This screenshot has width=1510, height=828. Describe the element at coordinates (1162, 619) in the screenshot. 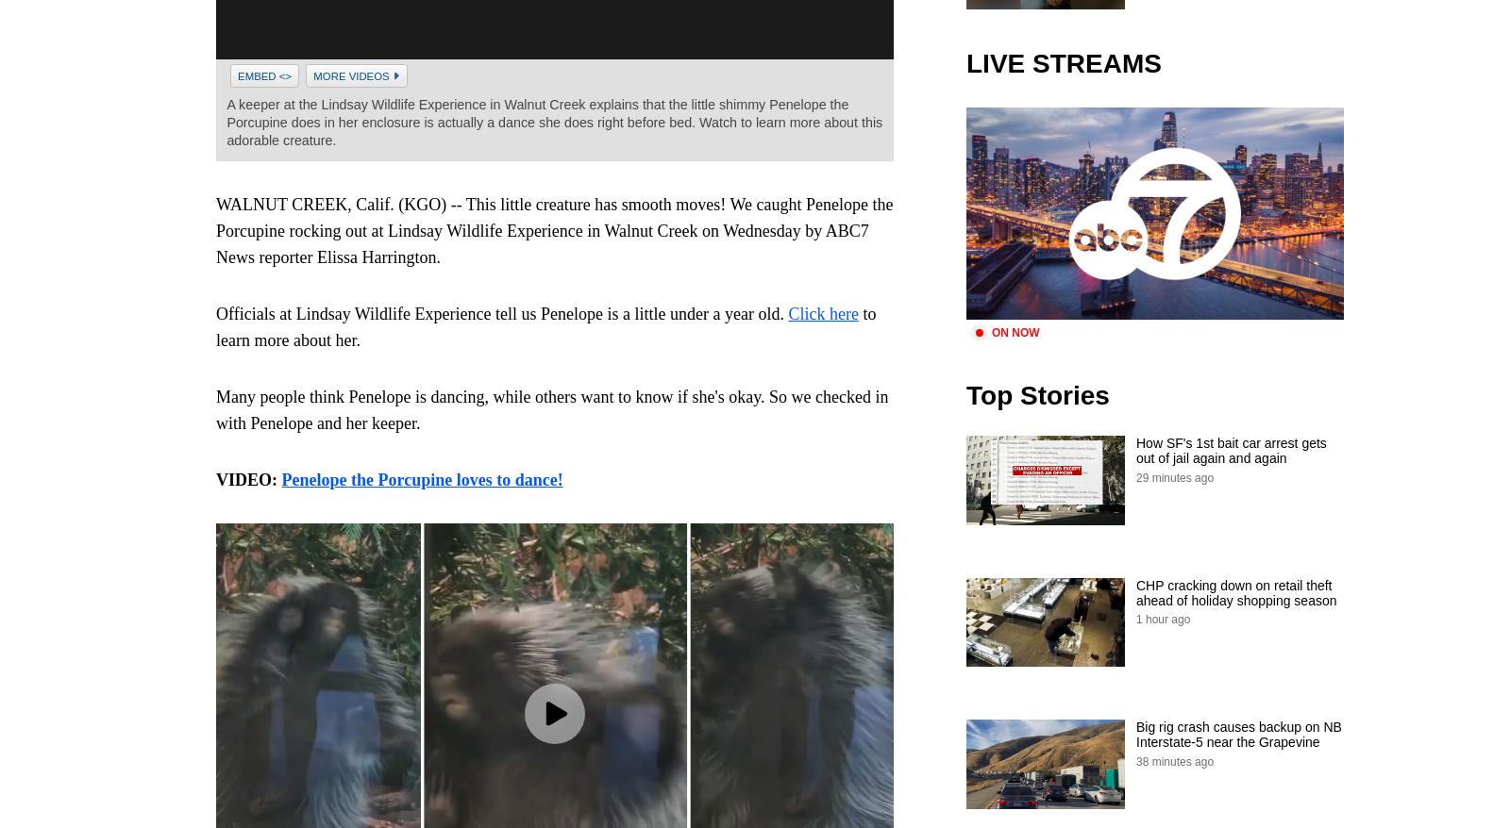

I see `'1 hour ago'` at that location.